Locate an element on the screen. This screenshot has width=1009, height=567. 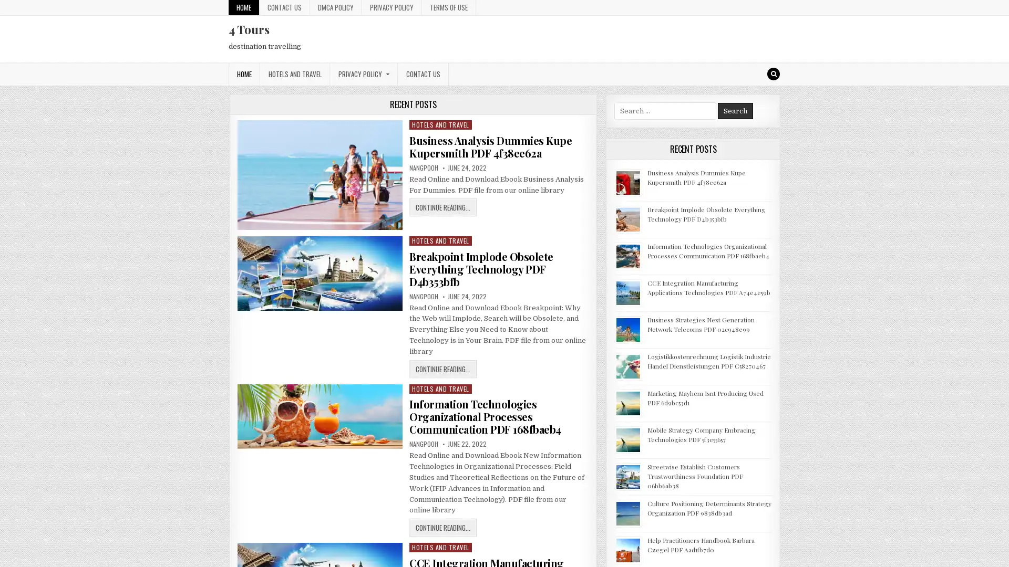
Search is located at coordinates (735, 111).